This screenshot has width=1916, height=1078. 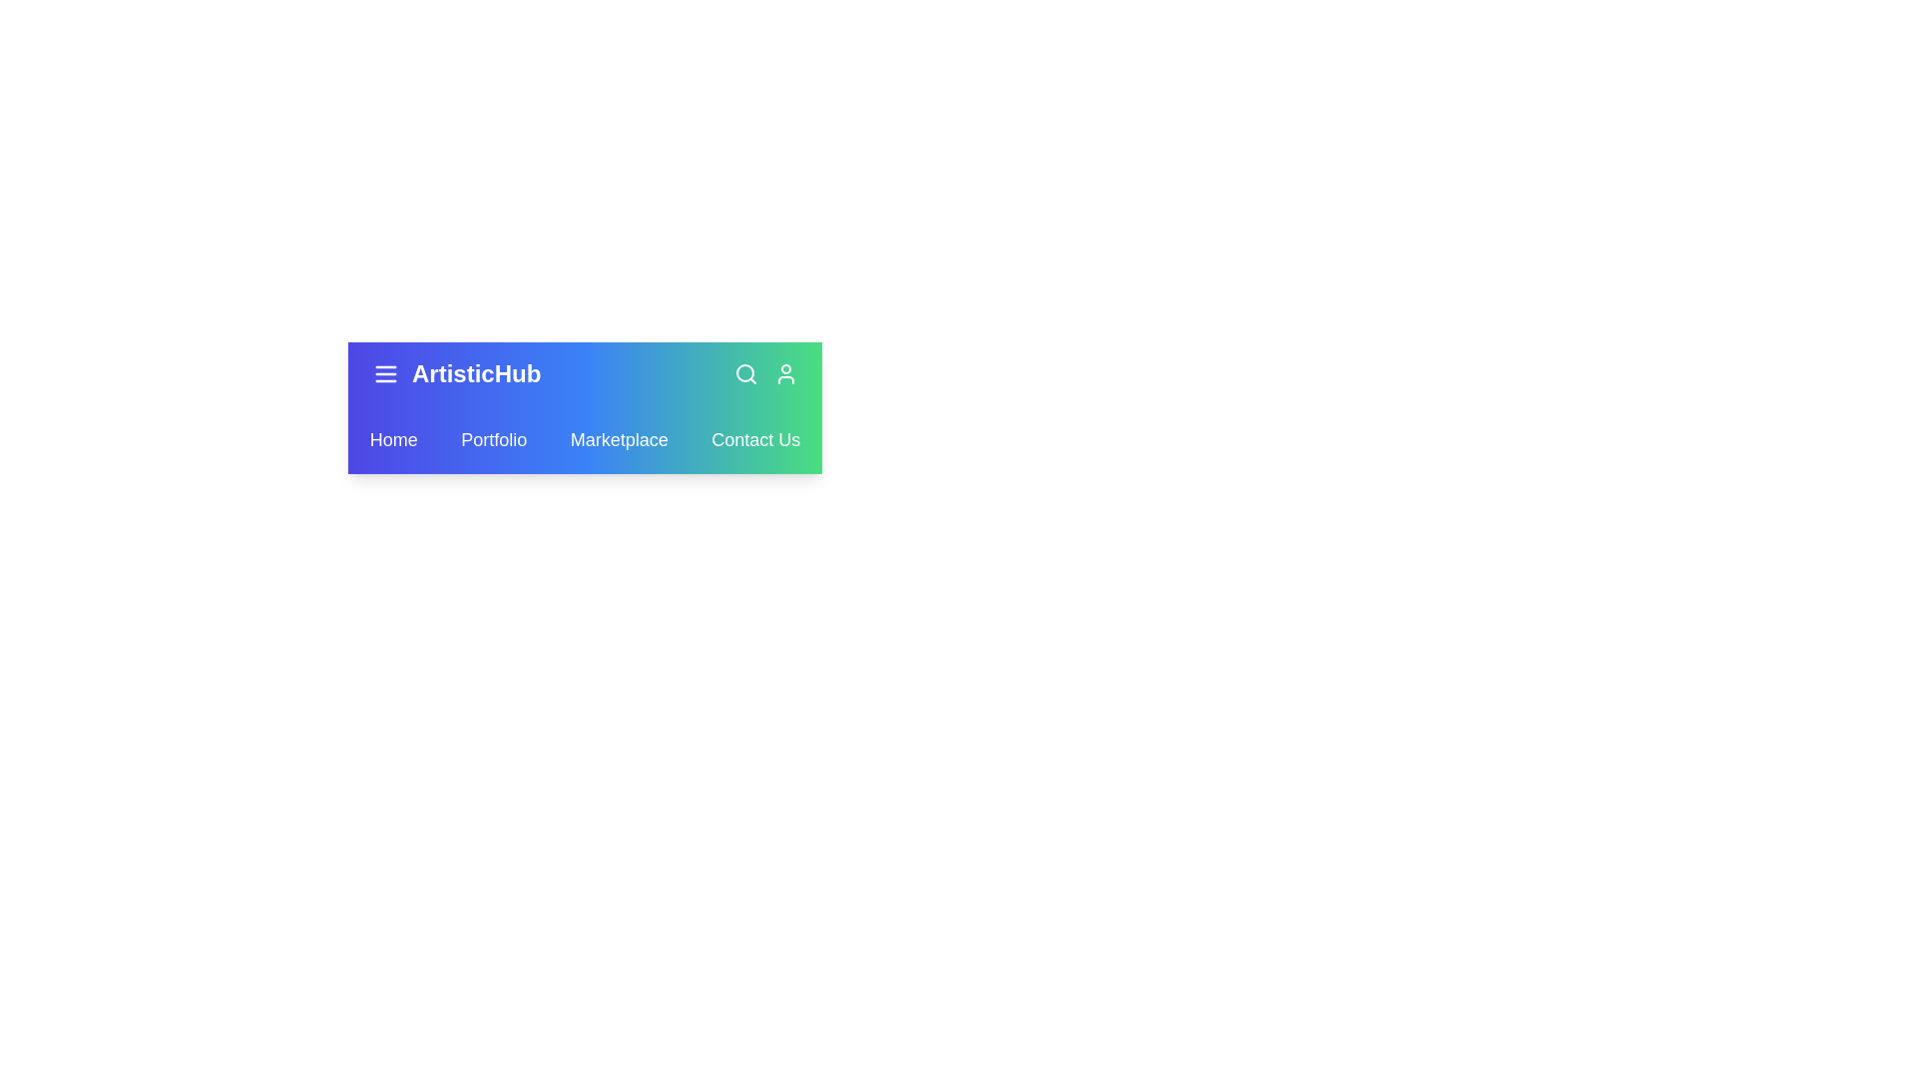 What do you see at coordinates (784, 373) in the screenshot?
I see `the user icon to access account options` at bounding box center [784, 373].